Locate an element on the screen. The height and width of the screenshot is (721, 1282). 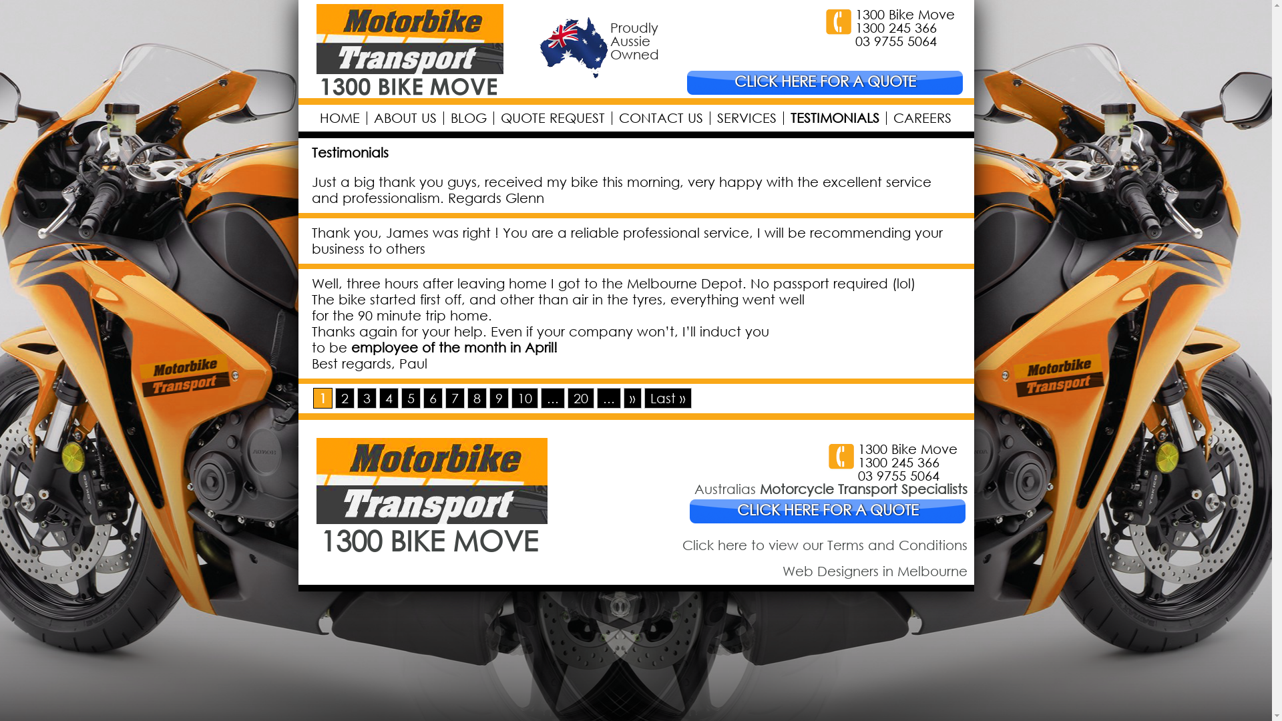
'SERVICES' is located at coordinates (708, 117).